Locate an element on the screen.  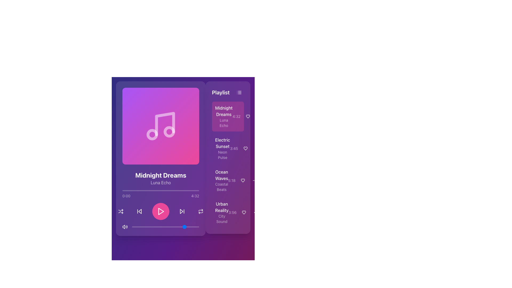
the heart icon button representing the 'favorite' function for the song 'Ocean Waves' is located at coordinates (243, 180).